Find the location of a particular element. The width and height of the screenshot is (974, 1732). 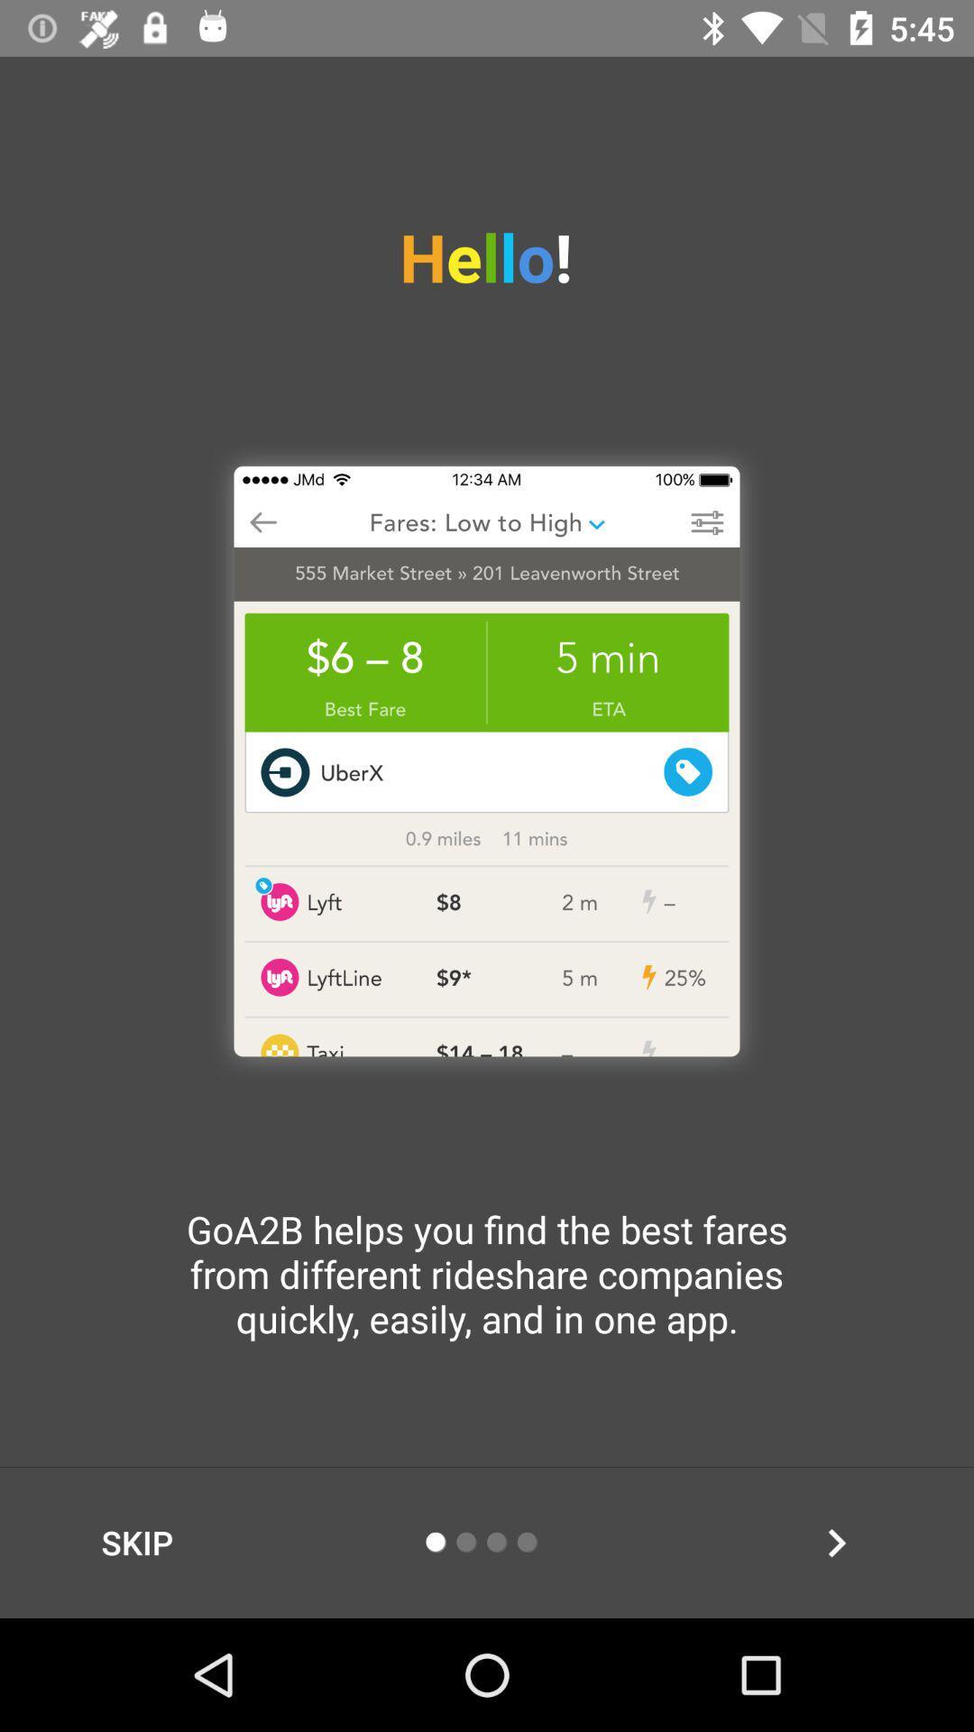

skip is located at coordinates (136, 1542).